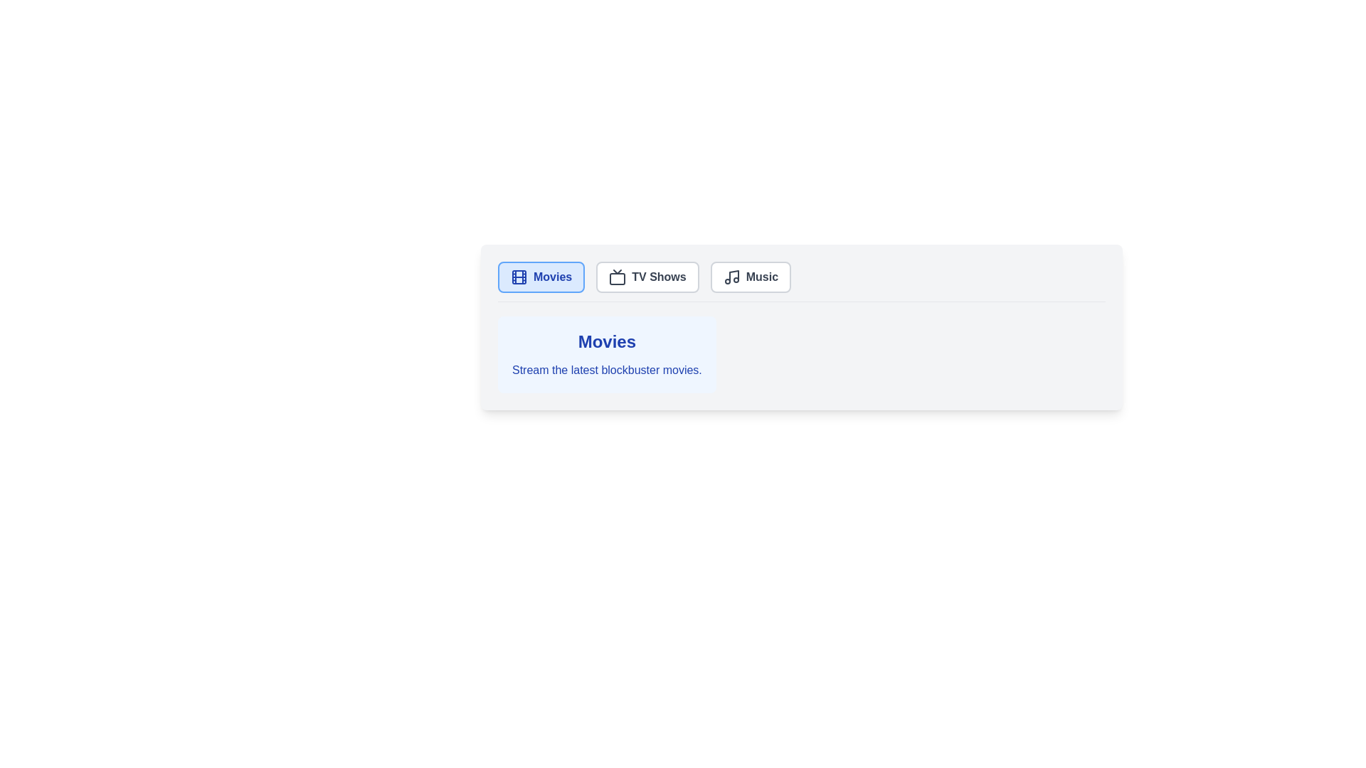 This screenshot has width=1366, height=768. I want to click on the informational block containing the text 'Movies' and 'Stream the latest blockbuster movies', which has a light blue background and rounded corners, so click(607, 353).